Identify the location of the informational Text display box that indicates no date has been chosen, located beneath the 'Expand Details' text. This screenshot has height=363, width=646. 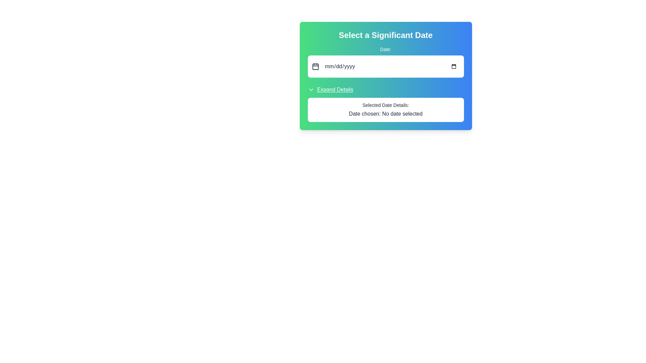
(386, 110).